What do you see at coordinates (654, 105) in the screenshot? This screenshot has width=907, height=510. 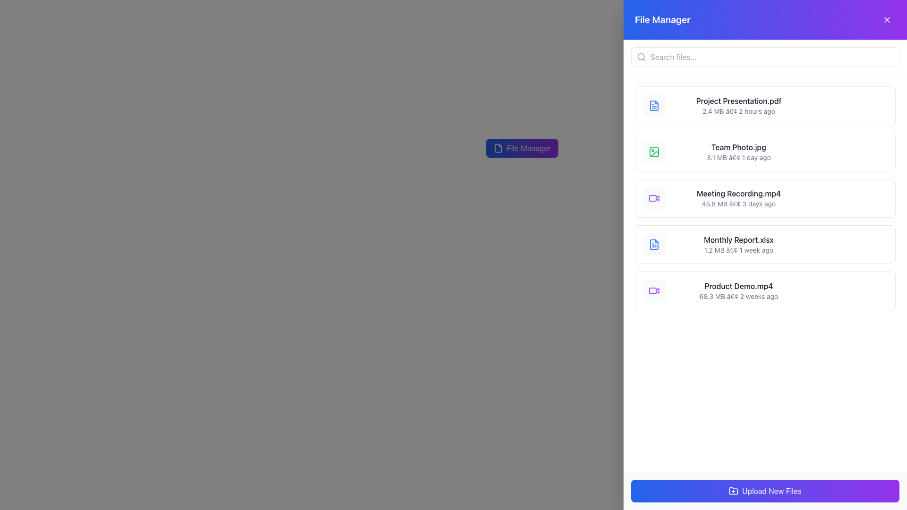 I see `the file icon located at the top-left region of the file manager interface's list item, which serves as a visual representation of a file` at bounding box center [654, 105].